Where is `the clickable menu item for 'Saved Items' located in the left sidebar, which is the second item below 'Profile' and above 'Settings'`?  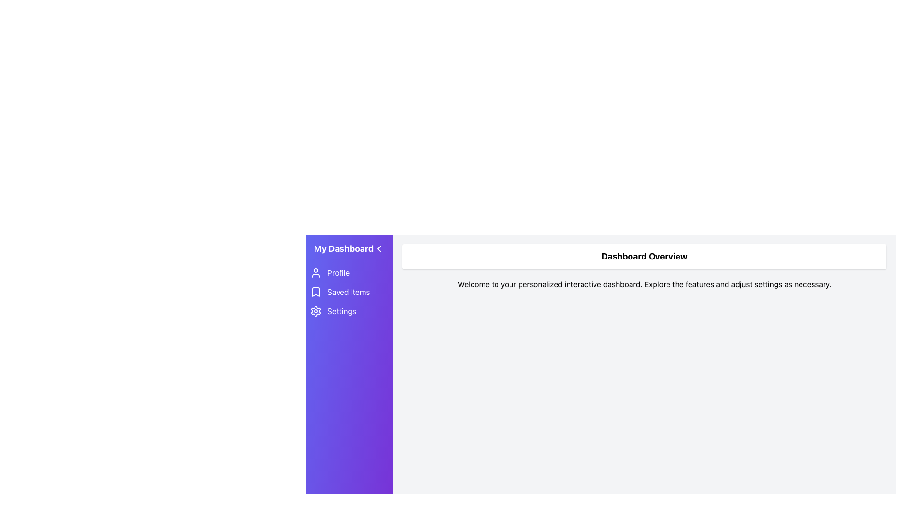
the clickable menu item for 'Saved Items' located in the left sidebar, which is the second item below 'Profile' and above 'Settings' is located at coordinates (349, 292).